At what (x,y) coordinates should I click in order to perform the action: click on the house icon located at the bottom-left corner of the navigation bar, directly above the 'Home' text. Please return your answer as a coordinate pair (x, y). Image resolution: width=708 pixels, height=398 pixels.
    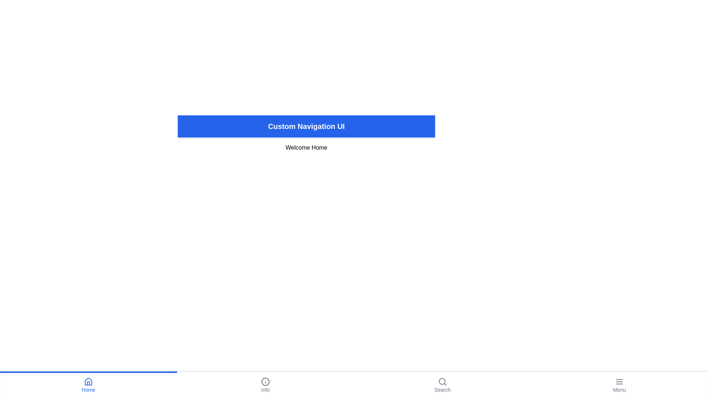
    Looking at the image, I should click on (88, 381).